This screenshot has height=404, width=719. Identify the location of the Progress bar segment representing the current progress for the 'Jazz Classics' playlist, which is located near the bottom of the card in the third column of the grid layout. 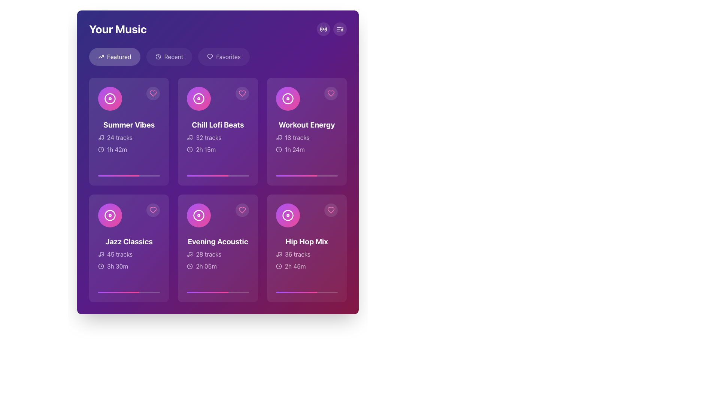
(118, 292).